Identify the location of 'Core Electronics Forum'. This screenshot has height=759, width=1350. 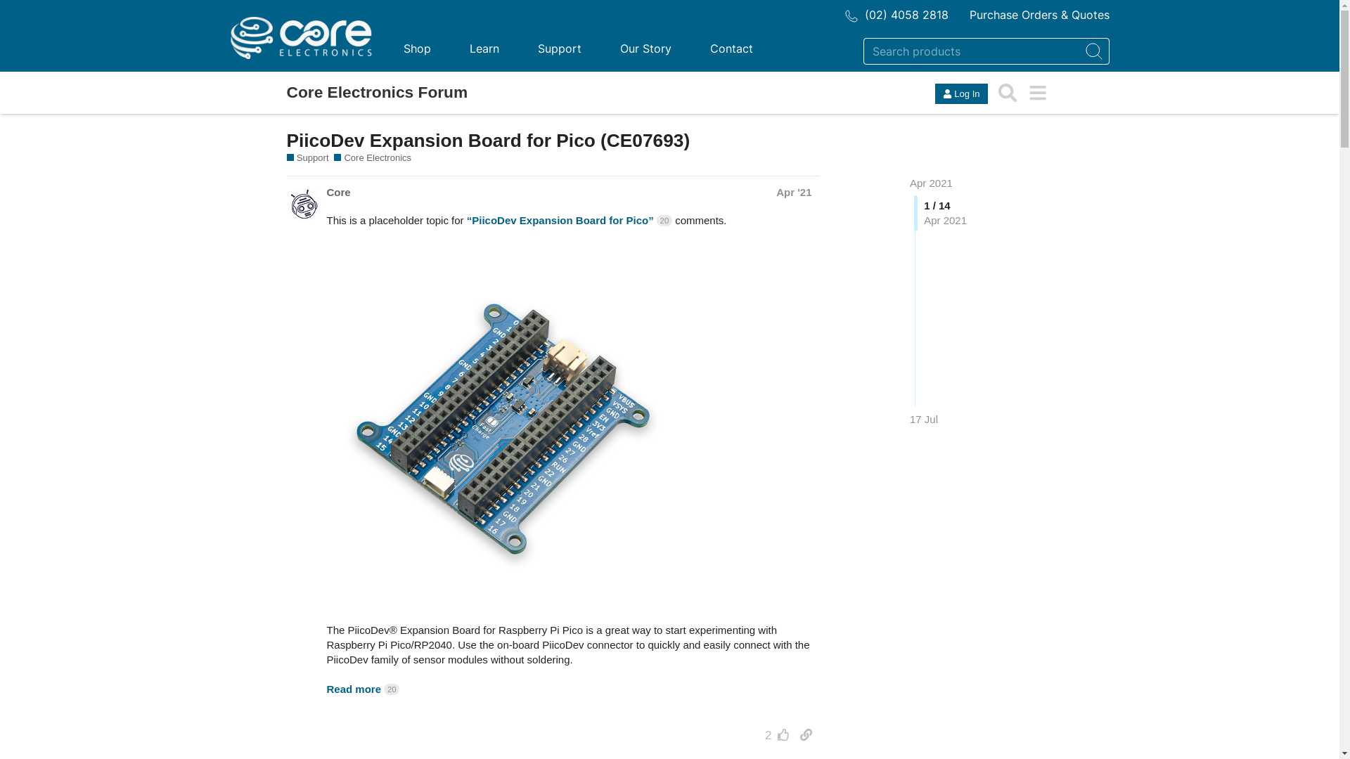
(378, 92).